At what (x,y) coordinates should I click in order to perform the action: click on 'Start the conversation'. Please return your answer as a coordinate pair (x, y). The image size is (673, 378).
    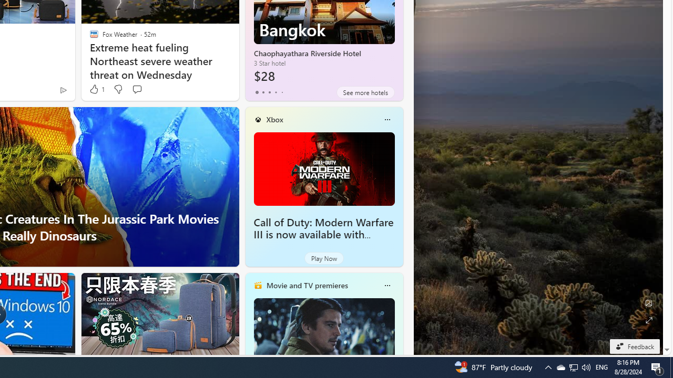
    Looking at the image, I should click on (136, 89).